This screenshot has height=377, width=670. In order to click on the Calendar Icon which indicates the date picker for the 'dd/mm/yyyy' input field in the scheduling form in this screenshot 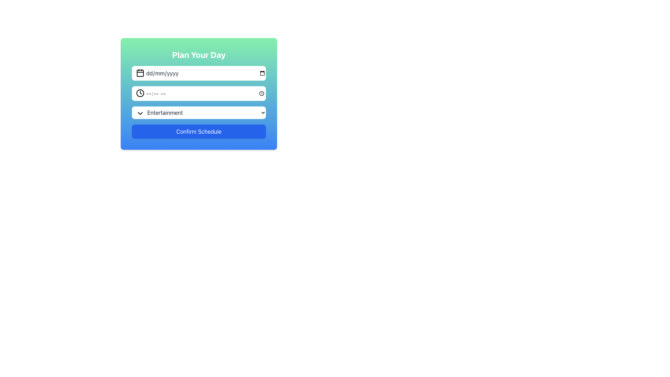, I will do `click(140, 73)`.